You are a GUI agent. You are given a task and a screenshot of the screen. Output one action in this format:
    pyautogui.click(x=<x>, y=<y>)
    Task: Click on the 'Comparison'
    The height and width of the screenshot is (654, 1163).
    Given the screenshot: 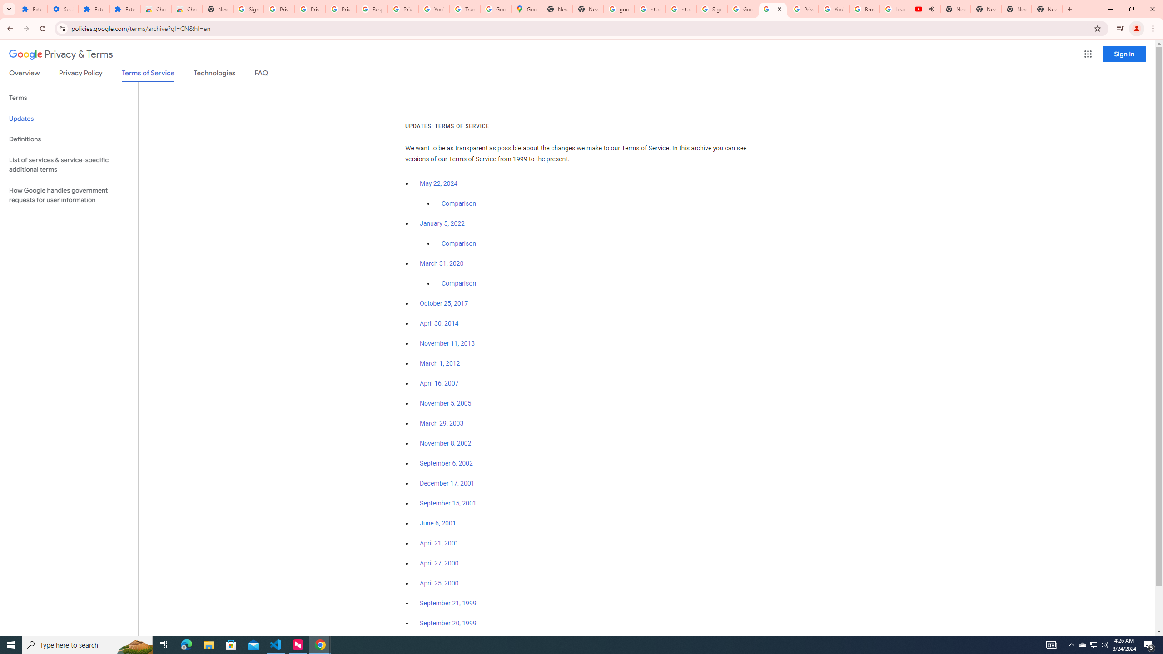 What is the action you would take?
    pyautogui.click(x=458, y=283)
    